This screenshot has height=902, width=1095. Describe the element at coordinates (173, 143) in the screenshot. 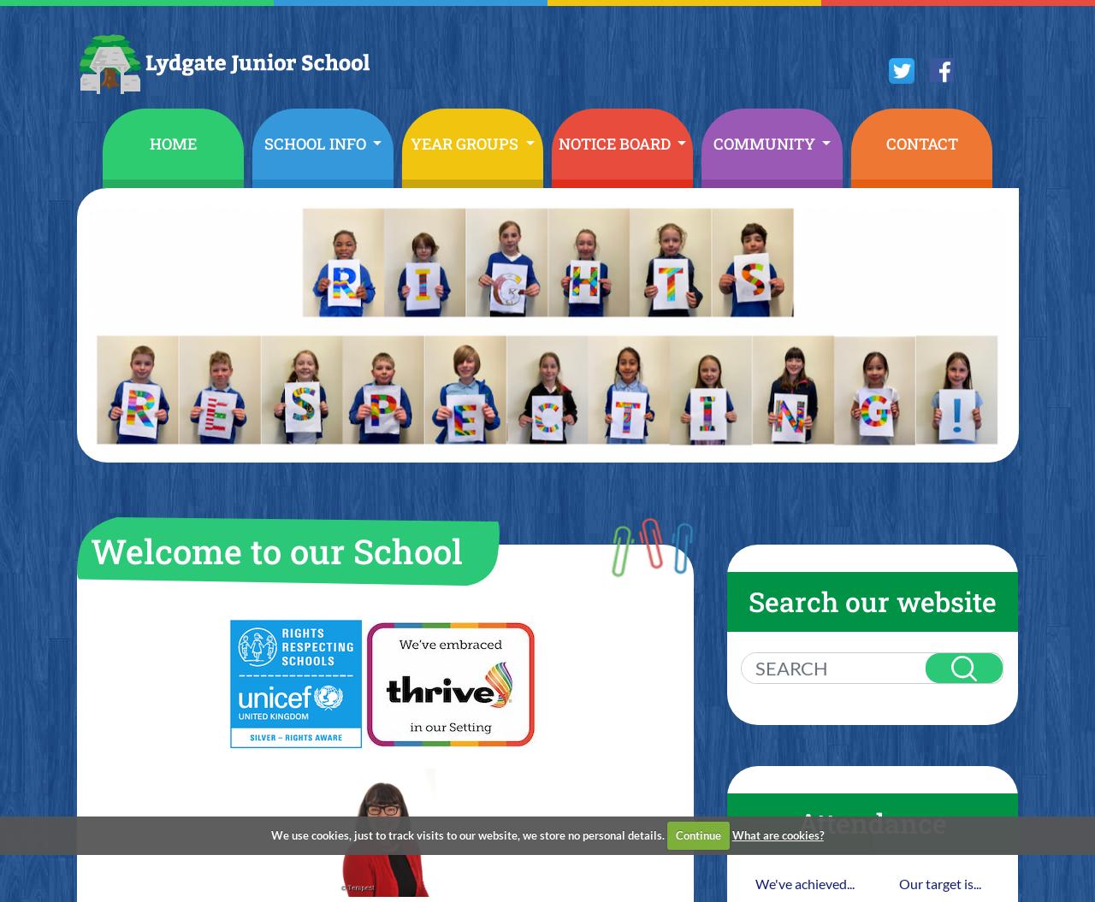

I see `'Home'` at that location.